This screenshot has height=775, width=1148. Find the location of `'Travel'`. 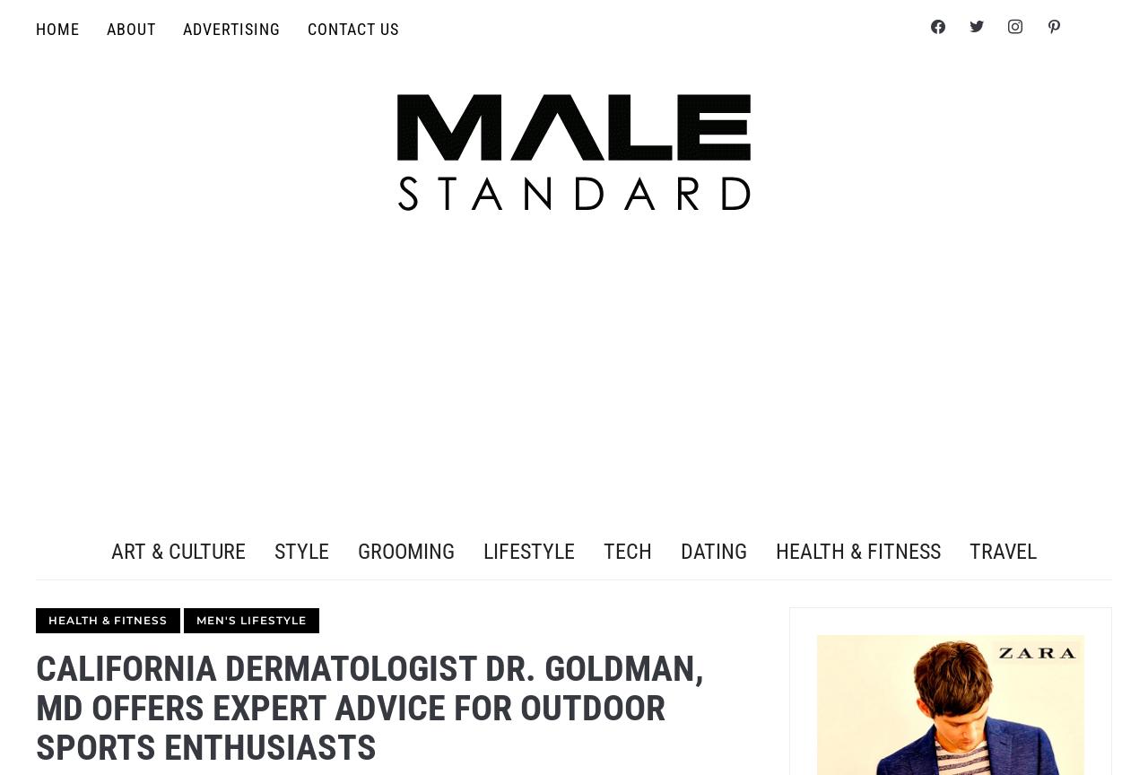

'Travel' is located at coordinates (1002, 550).